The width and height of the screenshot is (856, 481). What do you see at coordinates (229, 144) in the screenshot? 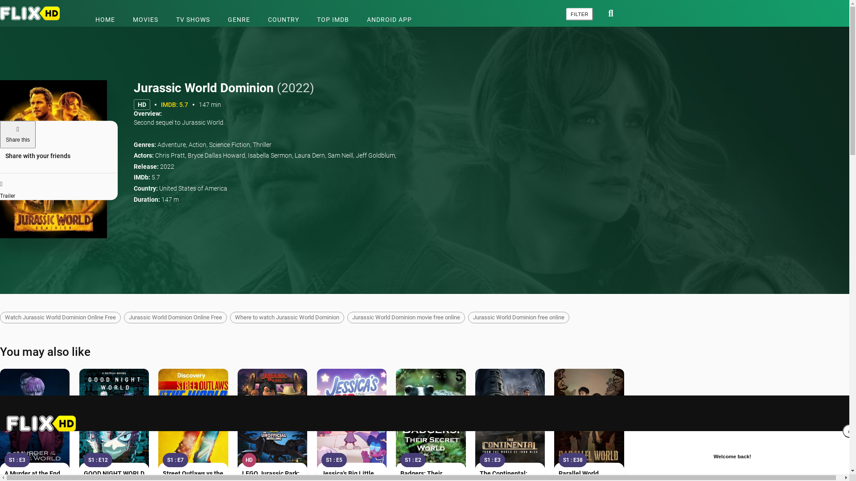
I see `'Science Fiction'` at bounding box center [229, 144].